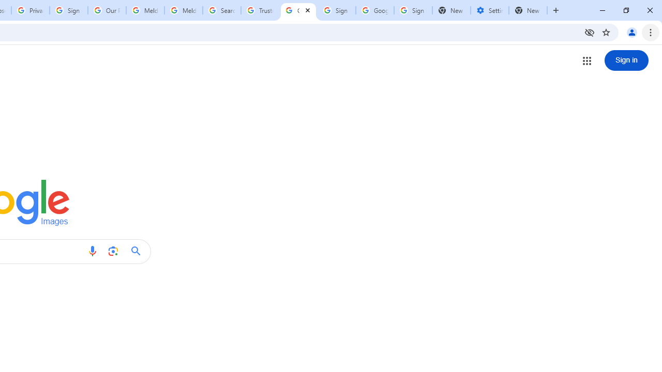  What do you see at coordinates (589, 32) in the screenshot?
I see `'Third-party cookies blocked'` at bounding box center [589, 32].